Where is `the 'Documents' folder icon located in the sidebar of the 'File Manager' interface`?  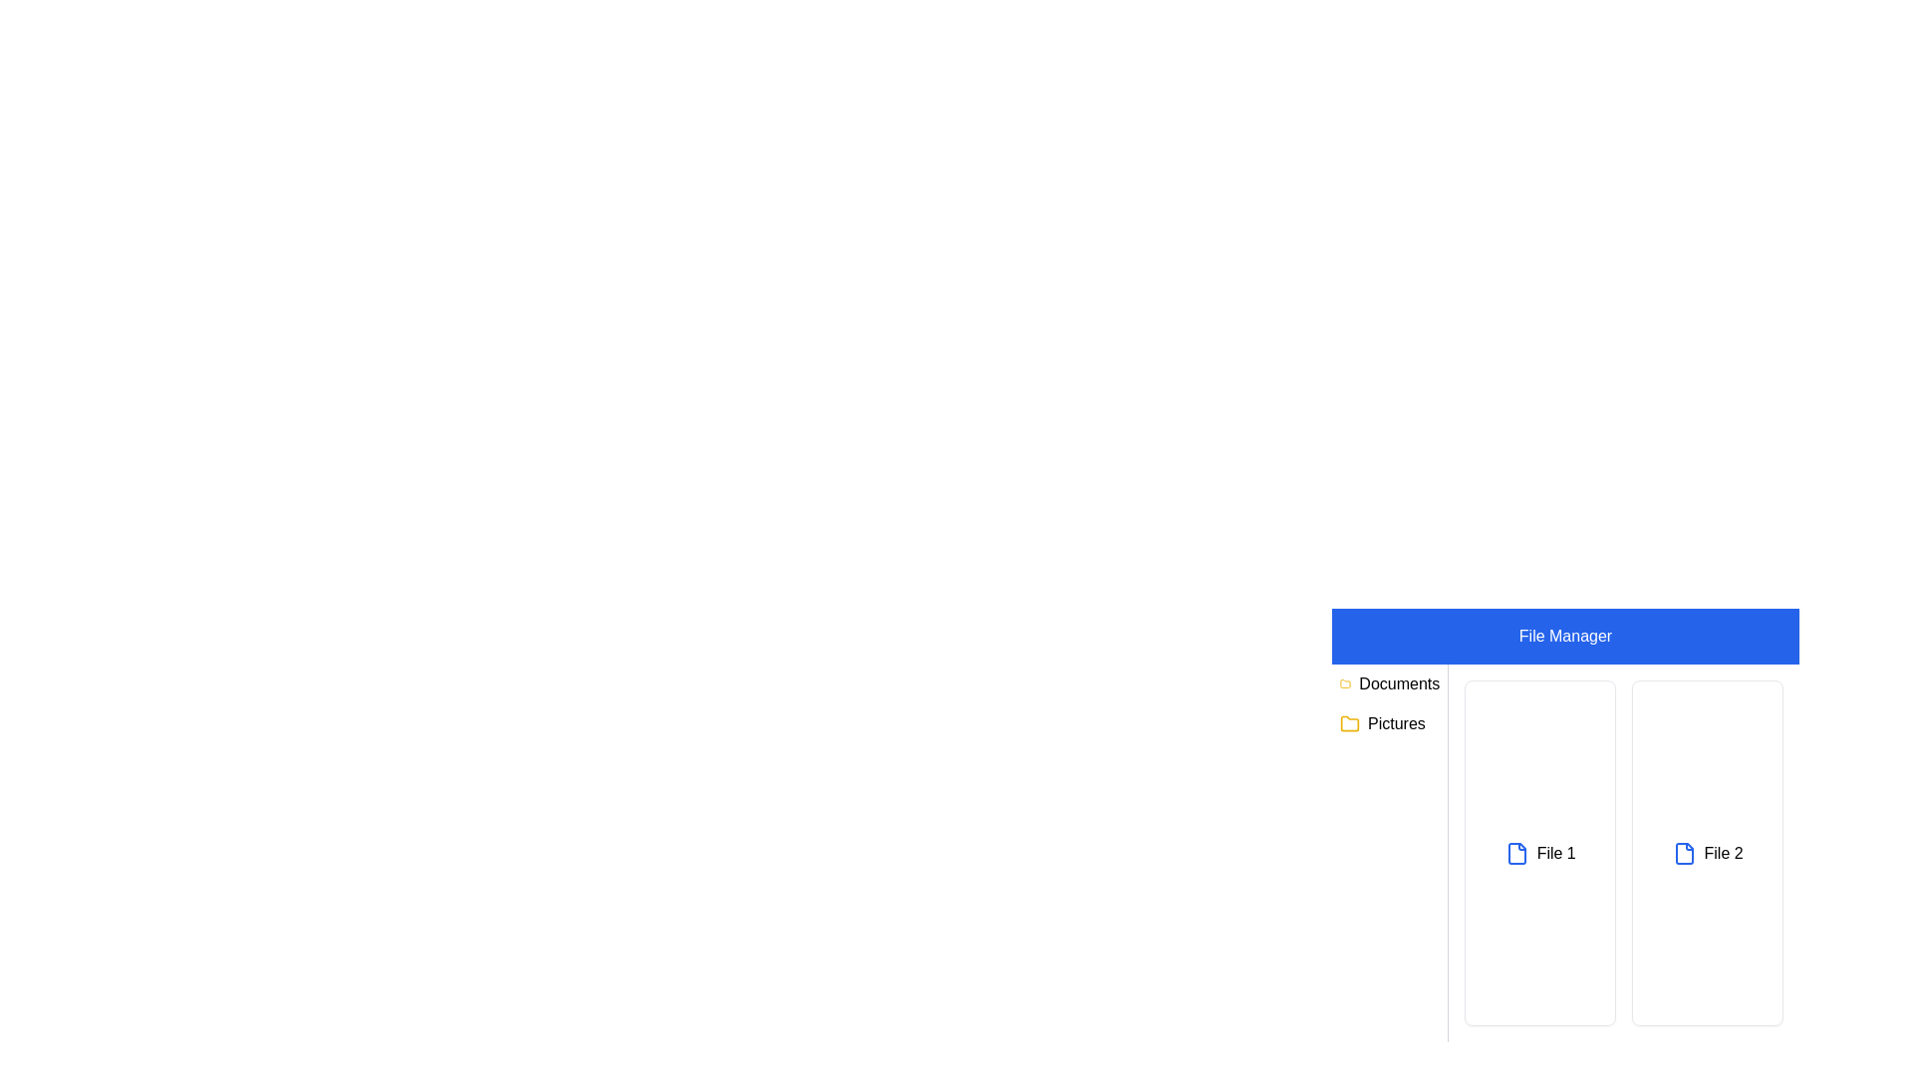 the 'Documents' folder icon located in the sidebar of the 'File Manager' interface is located at coordinates (1349, 722).